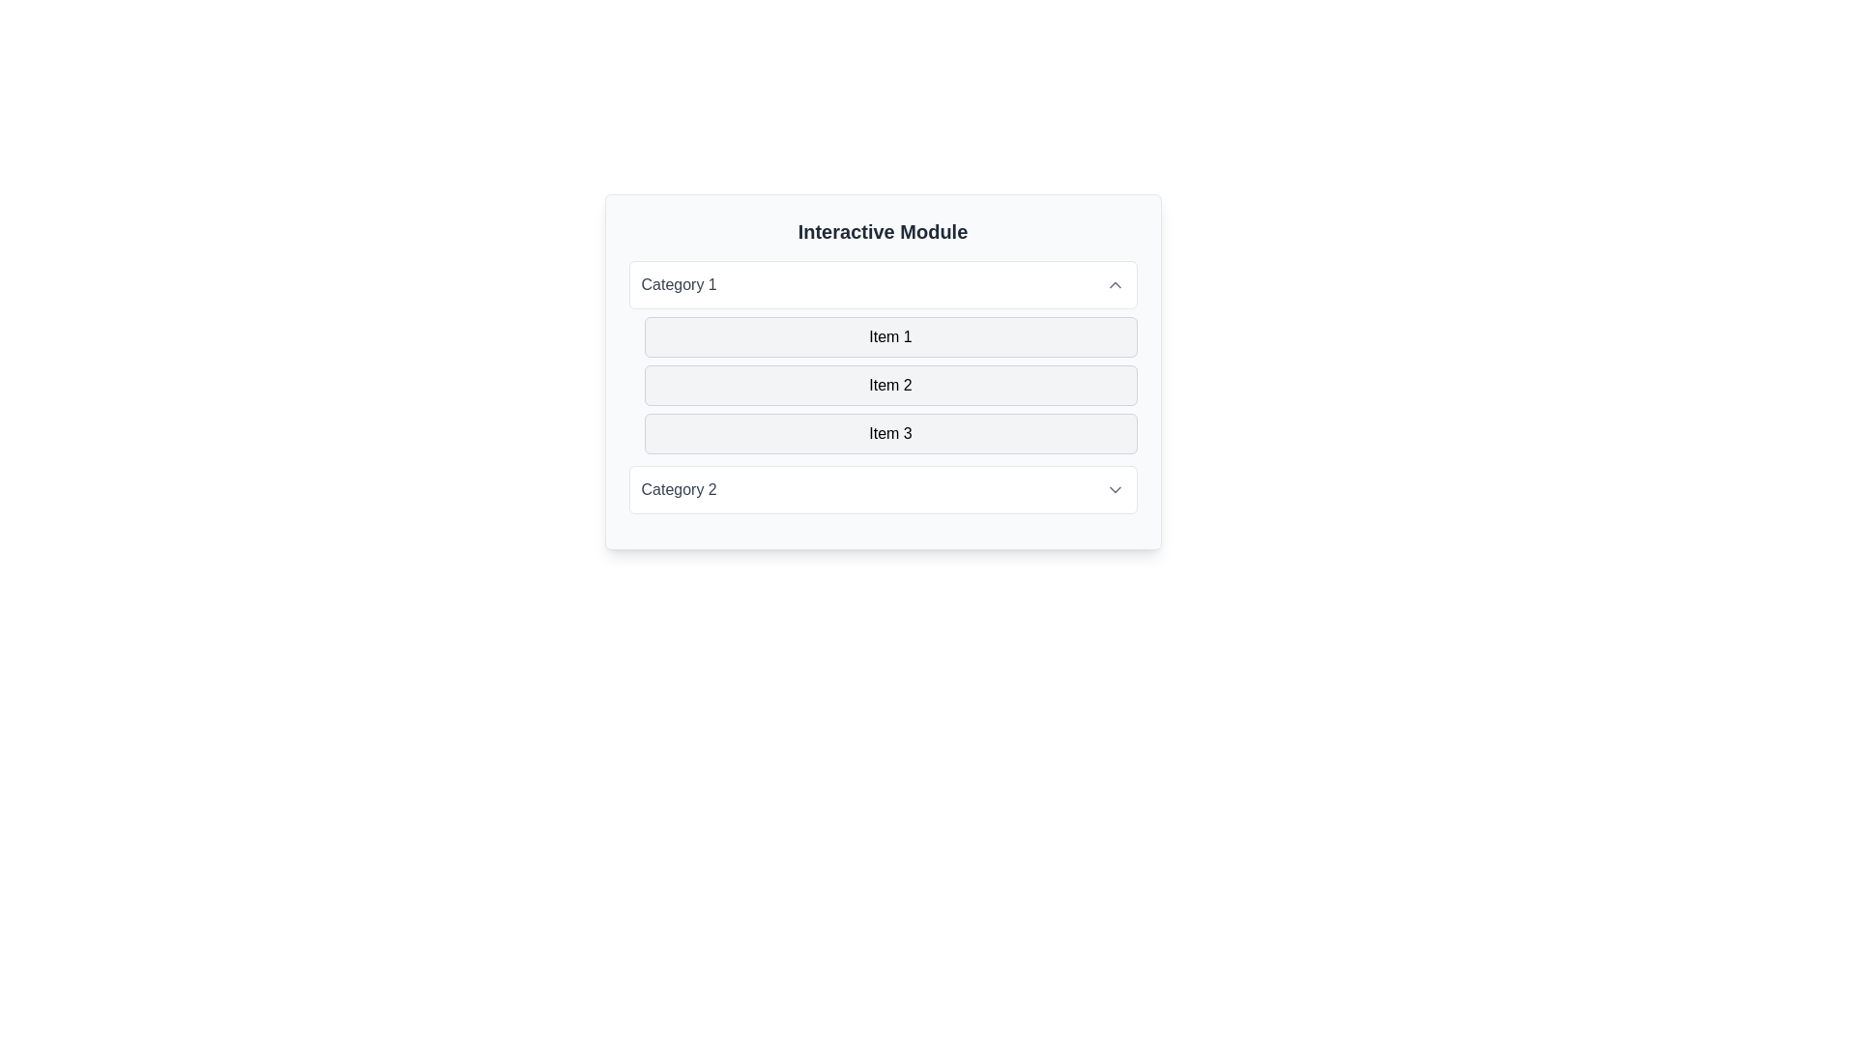 The width and height of the screenshot is (1856, 1044). Describe the element at coordinates (889, 385) in the screenshot. I see `the selectable item labeled 'Item 2', which is the second element in a vertical list with a light gray background and rounded corners` at that location.